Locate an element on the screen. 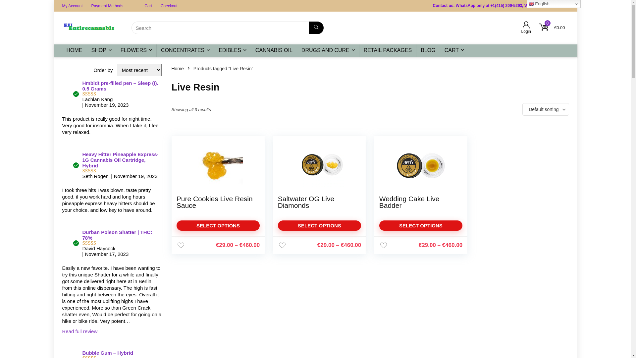  'HOME' is located at coordinates (75, 50).